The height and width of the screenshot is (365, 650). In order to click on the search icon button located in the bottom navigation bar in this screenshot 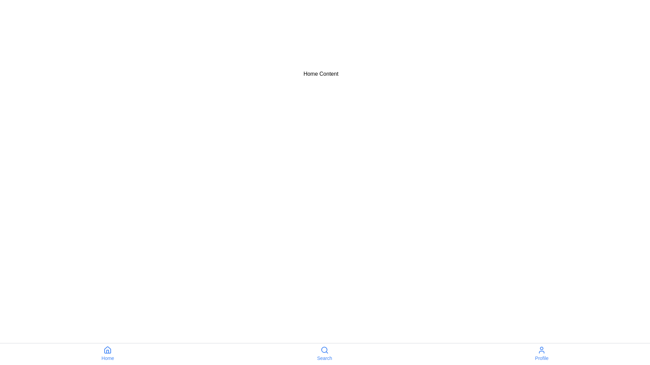, I will do `click(324, 350)`.